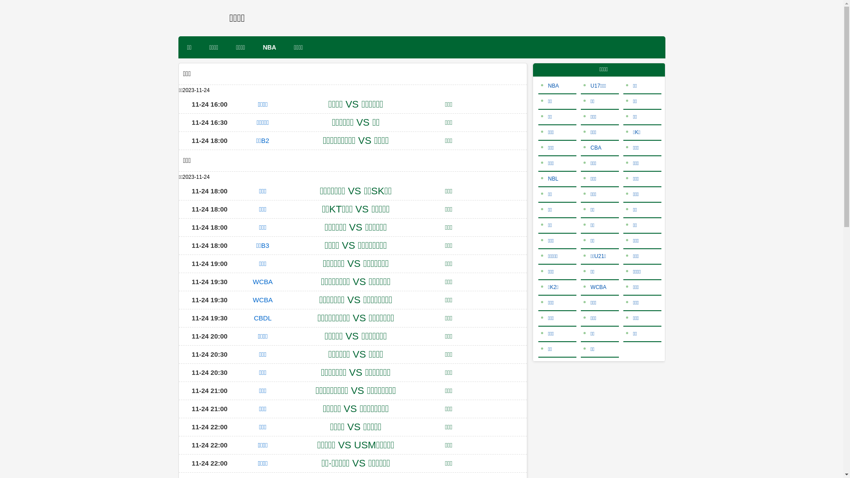  Describe the element at coordinates (262, 317) in the screenshot. I see `'CBDL'` at that location.